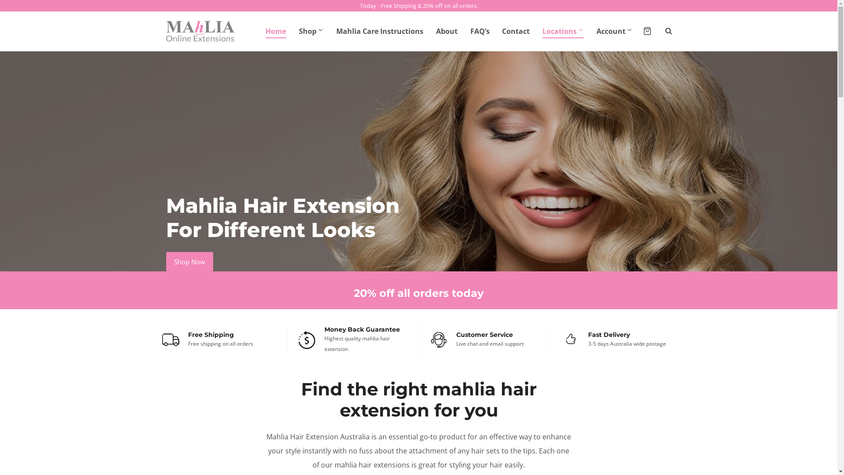  Describe the element at coordinates (276, 30) in the screenshot. I see `'Home'` at that location.